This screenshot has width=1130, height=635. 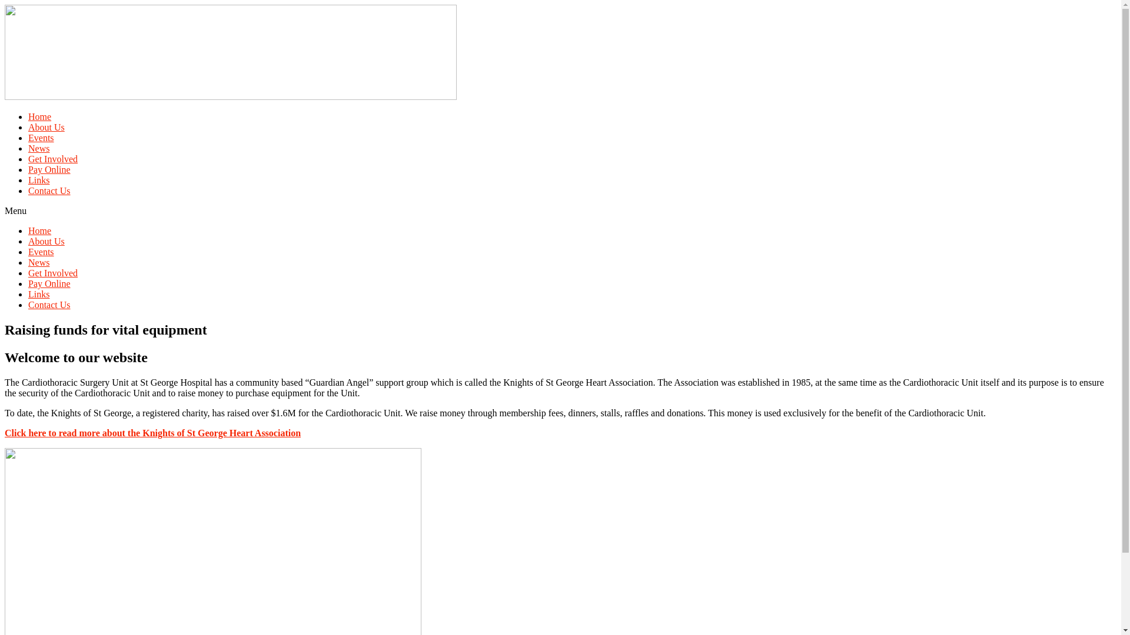 What do you see at coordinates (28, 169) in the screenshot?
I see `'Pay Online'` at bounding box center [28, 169].